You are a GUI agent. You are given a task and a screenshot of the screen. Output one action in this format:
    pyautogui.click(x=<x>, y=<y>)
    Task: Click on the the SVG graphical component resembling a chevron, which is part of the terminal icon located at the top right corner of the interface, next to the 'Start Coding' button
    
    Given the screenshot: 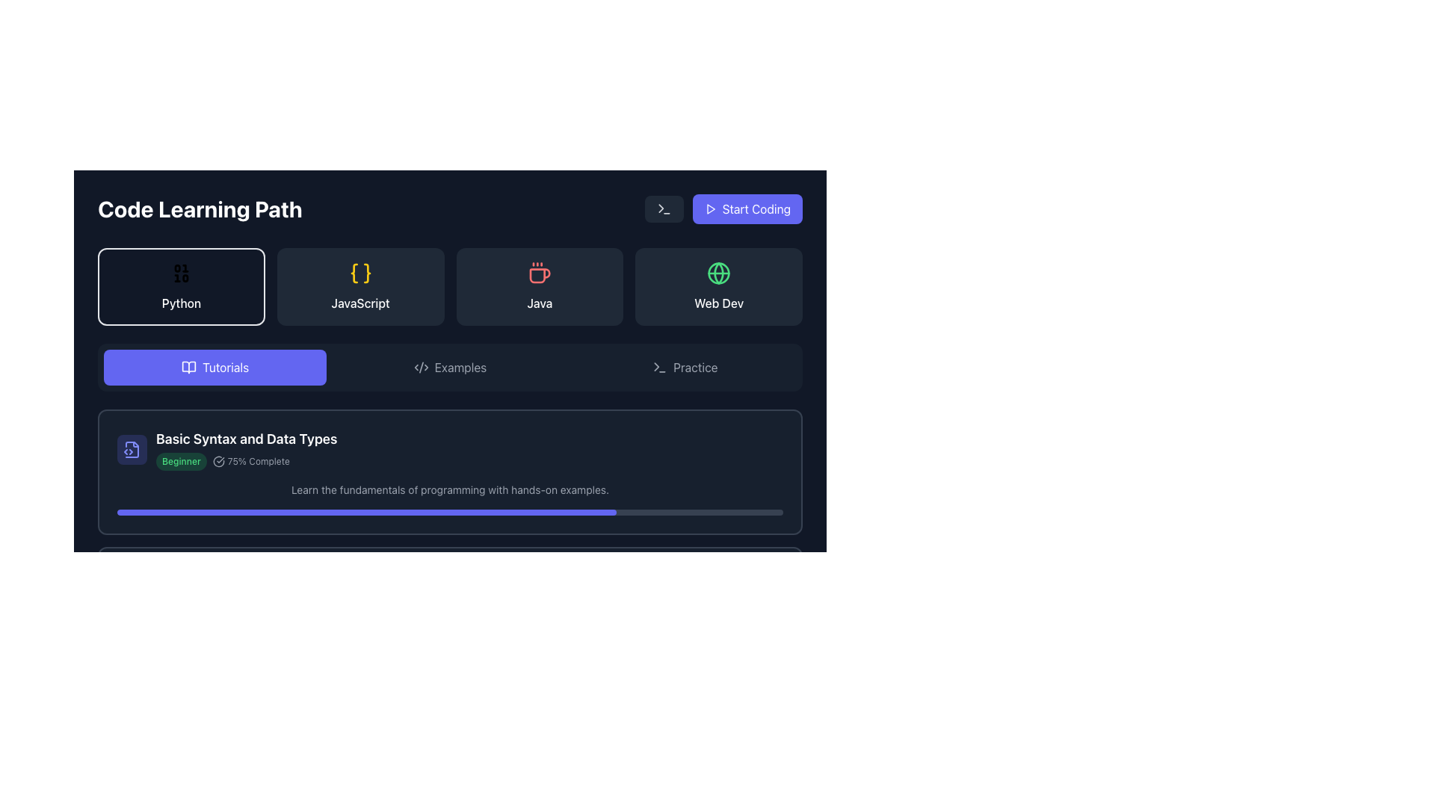 What is the action you would take?
    pyautogui.click(x=660, y=208)
    